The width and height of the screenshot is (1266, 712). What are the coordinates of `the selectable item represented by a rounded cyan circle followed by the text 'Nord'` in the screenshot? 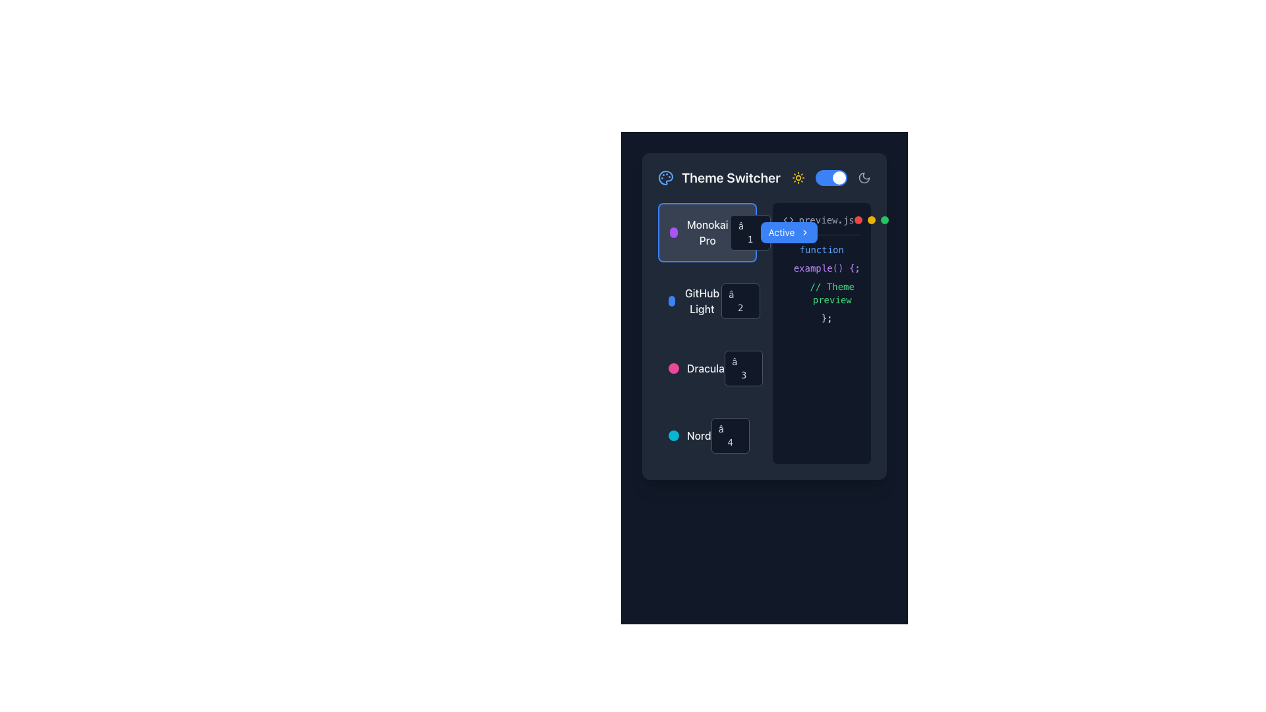 It's located at (689, 435).